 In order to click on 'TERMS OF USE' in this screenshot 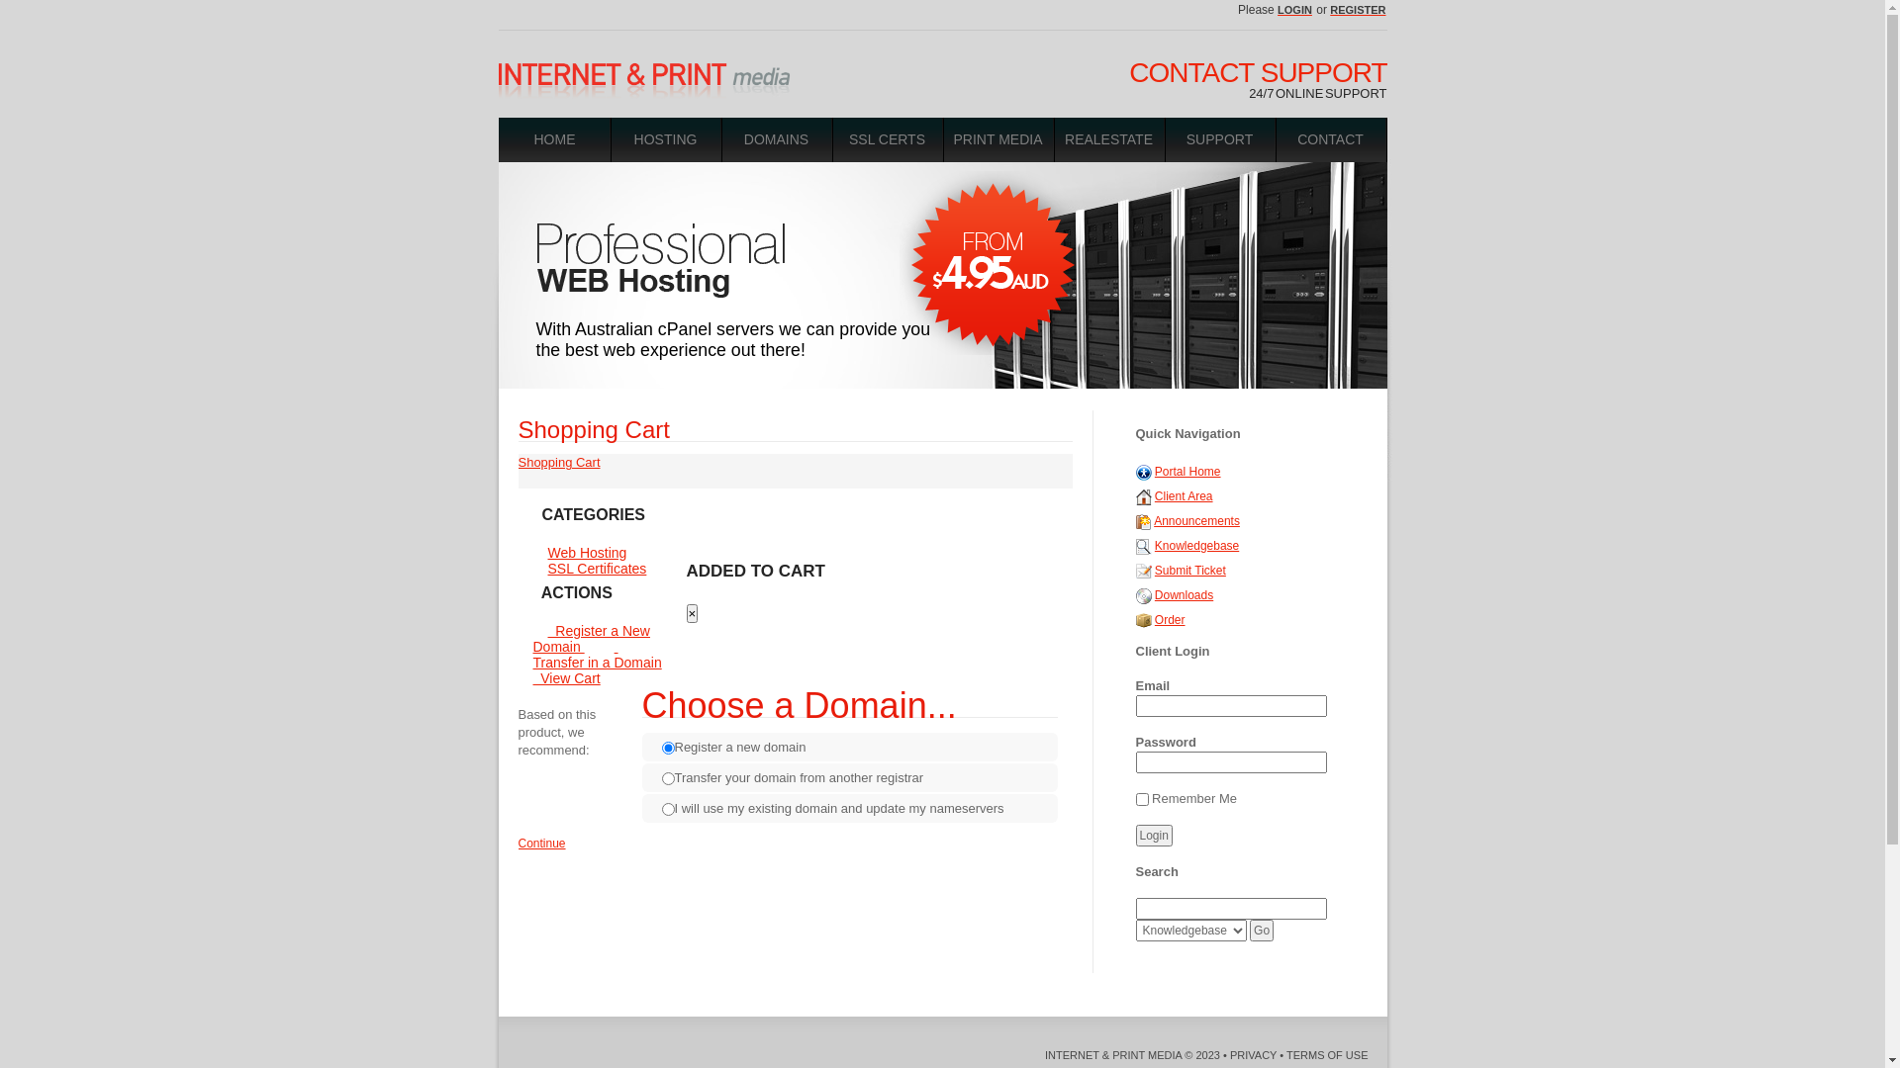, I will do `click(1327, 1054)`.